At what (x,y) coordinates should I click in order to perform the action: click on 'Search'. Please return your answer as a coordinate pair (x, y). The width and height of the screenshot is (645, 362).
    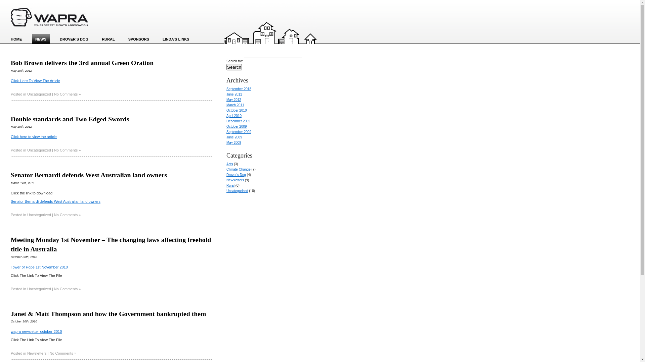
    Looking at the image, I should click on (234, 67).